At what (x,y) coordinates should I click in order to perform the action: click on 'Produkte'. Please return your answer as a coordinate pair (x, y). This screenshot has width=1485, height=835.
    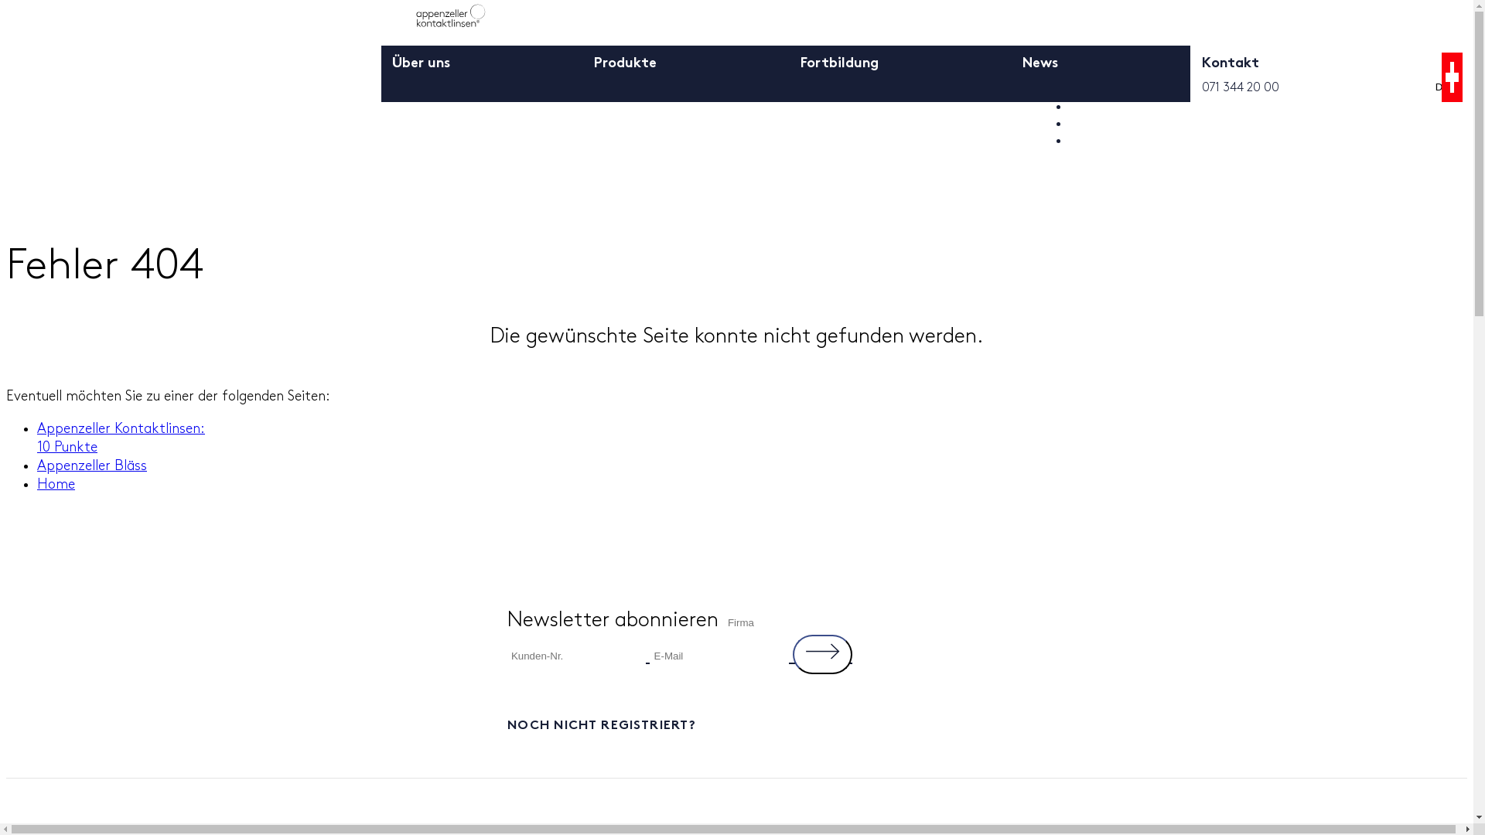
    Looking at the image, I should click on (625, 71).